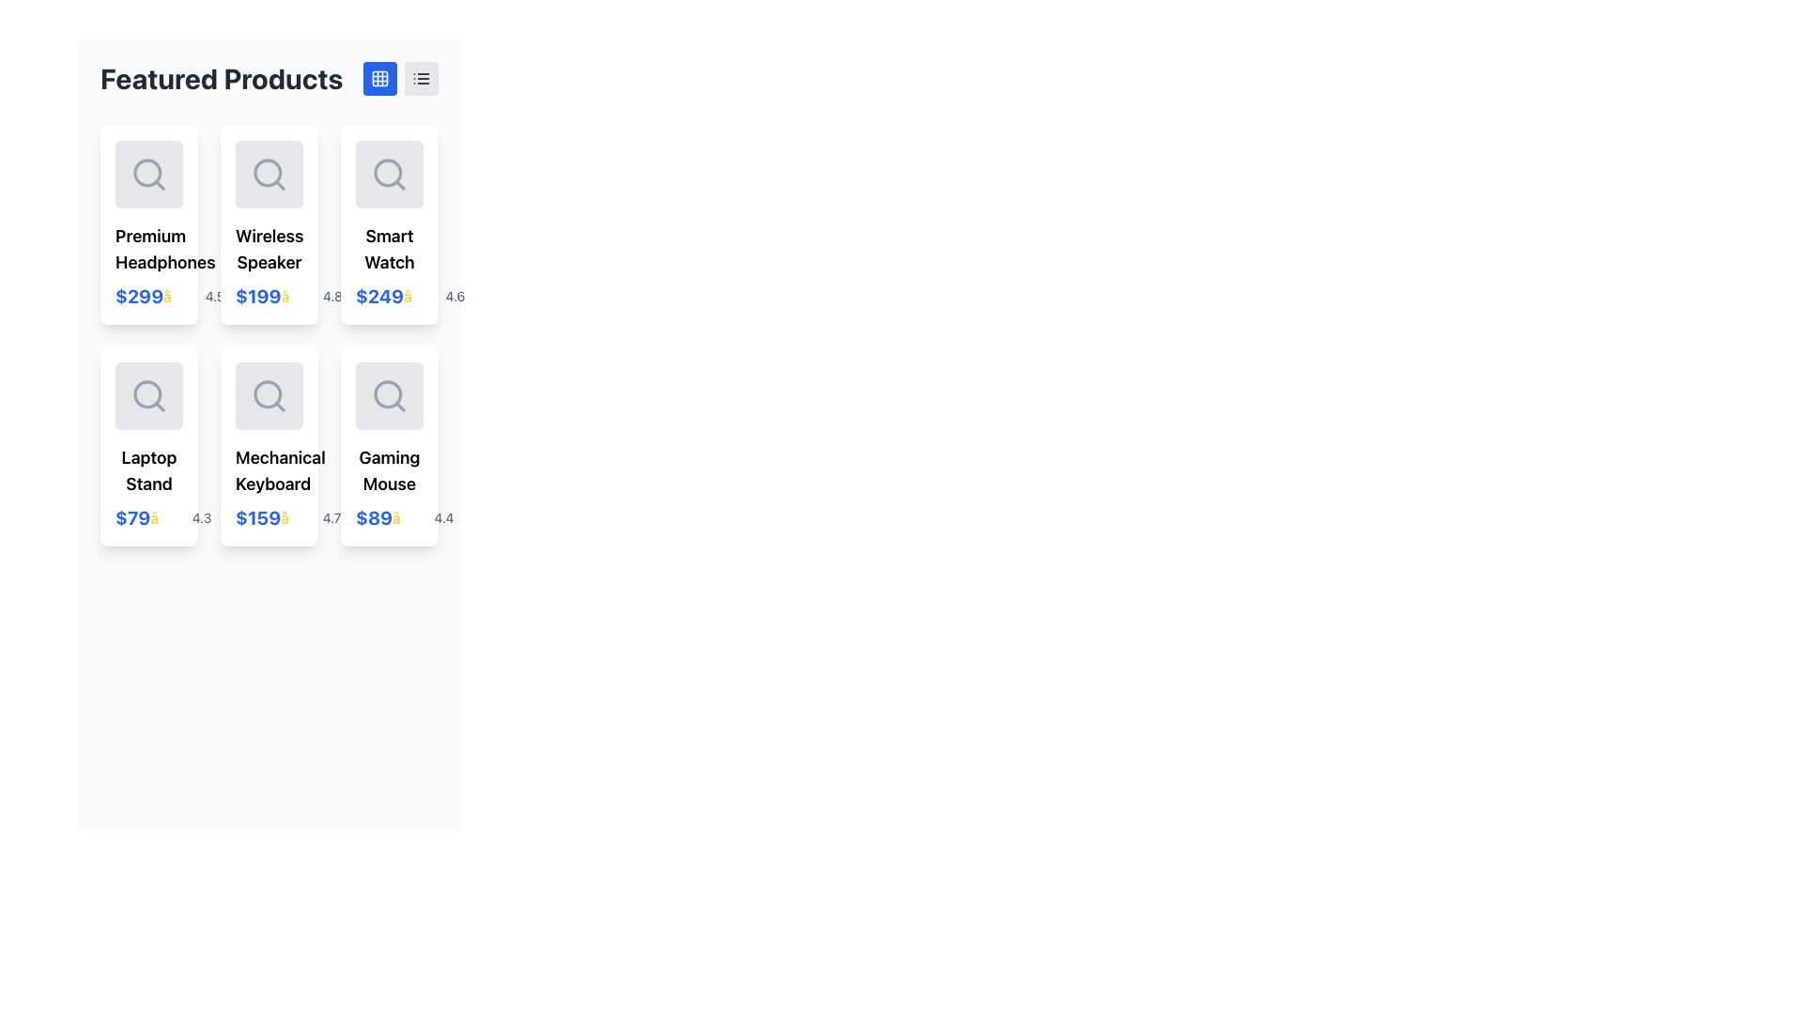 This screenshot has width=1803, height=1014. What do you see at coordinates (269, 296) in the screenshot?
I see `the text display with a bold blue '$199' price and a gold star symbol followed by the rating '4.8' located in the second card of the top row in the product grid layout` at bounding box center [269, 296].